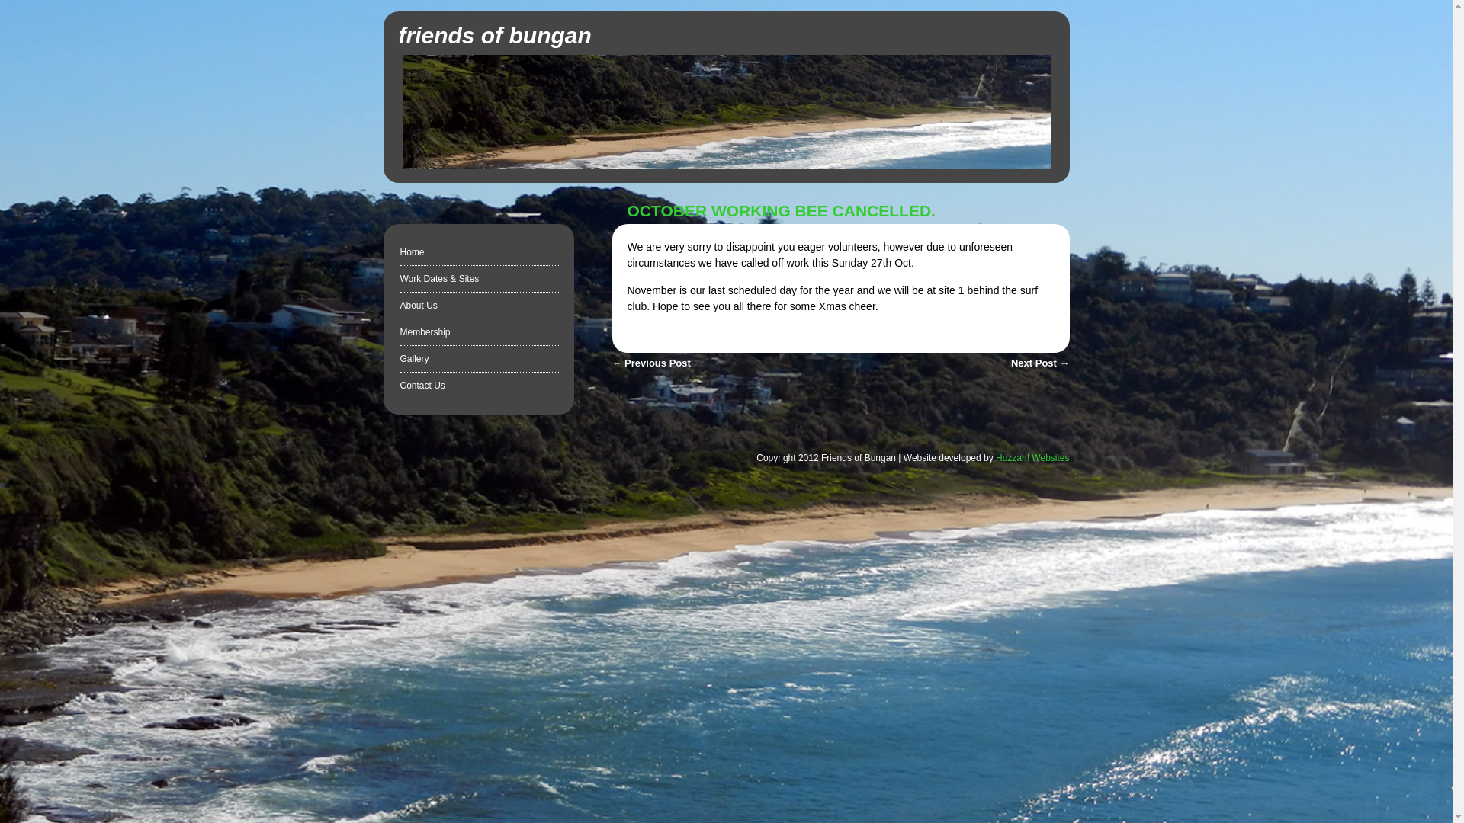 Image resolution: width=1464 pixels, height=823 pixels. What do you see at coordinates (1032, 457) in the screenshot?
I see `'Huzzah! Websites'` at bounding box center [1032, 457].